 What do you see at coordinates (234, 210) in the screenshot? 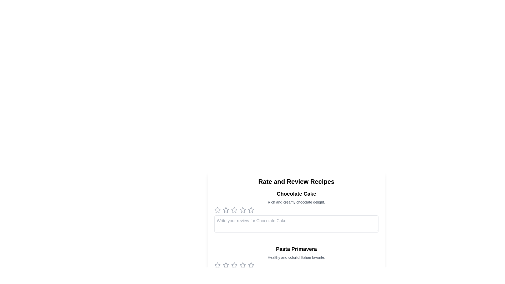
I see `the second star icon in the 'Rate and Review Recipes' section to indicate a rating of two stars` at bounding box center [234, 210].